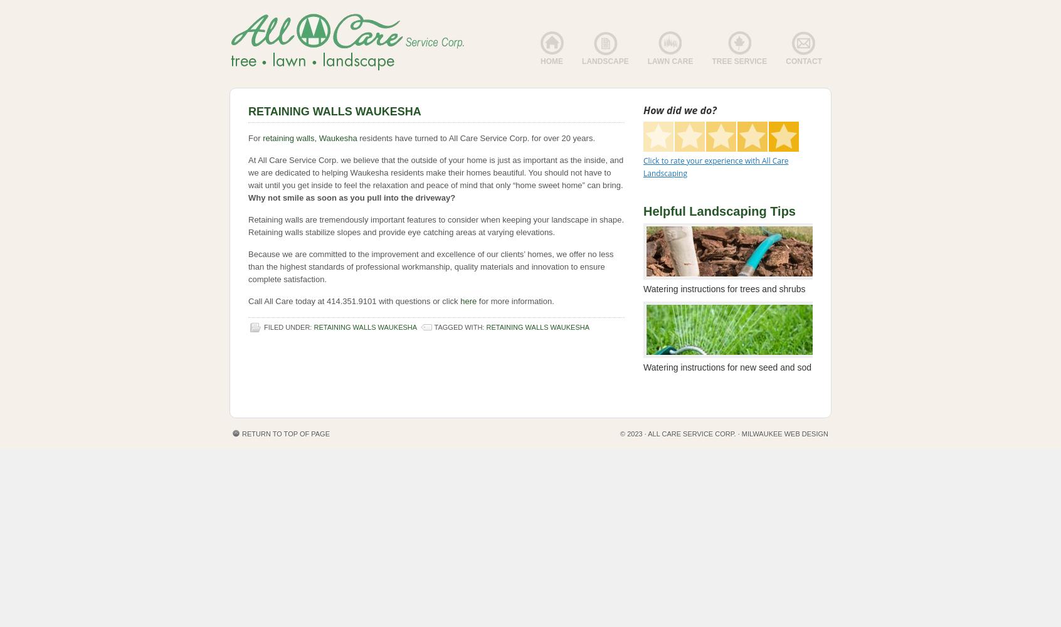 This screenshot has width=1061, height=627. What do you see at coordinates (255, 137) in the screenshot?
I see `'For'` at bounding box center [255, 137].